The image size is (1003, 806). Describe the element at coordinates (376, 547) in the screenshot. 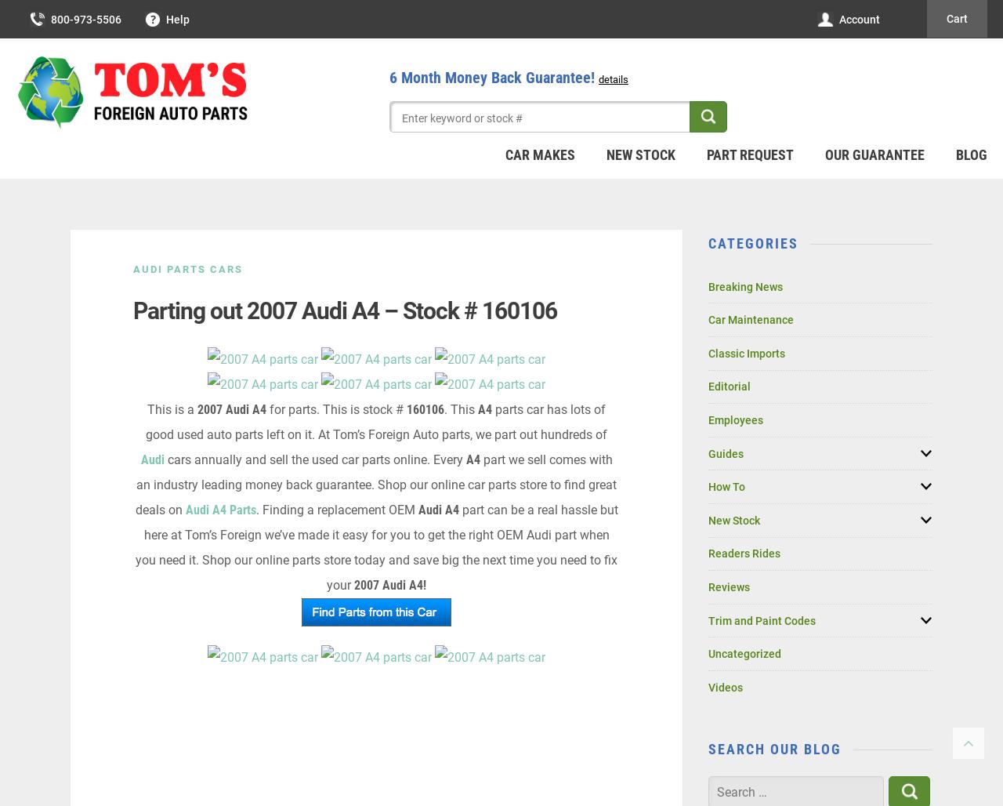

I see `'part can be a real hassle but here at Tom’s Foreign we’ve made it easy for you to get the right OEM Audi part when you need it. Shop our online parts store today and save big the next time you need to fix your'` at that location.